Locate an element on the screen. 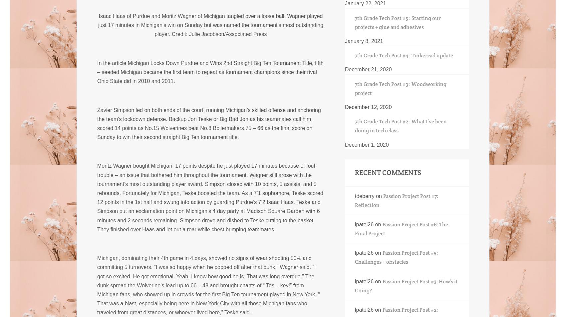 The height and width of the screenshot is (317, 566). '7th Grade Tech Post #2 : What I’ve been doing in tech class' is located at coordinates (400, 126).